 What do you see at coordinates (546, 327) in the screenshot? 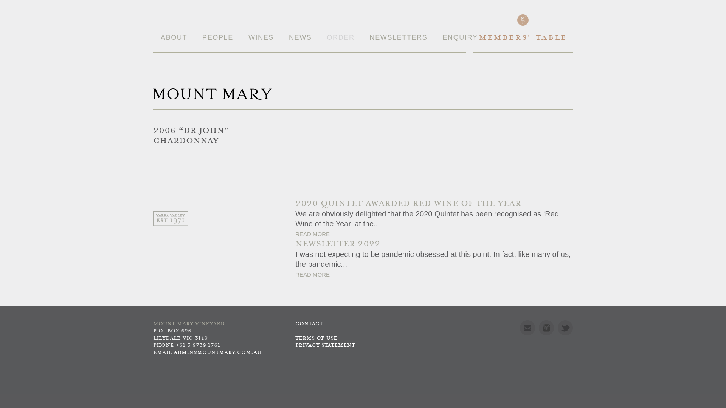
I see `'INSTAGRAM'` at bounding box center [546, 327].